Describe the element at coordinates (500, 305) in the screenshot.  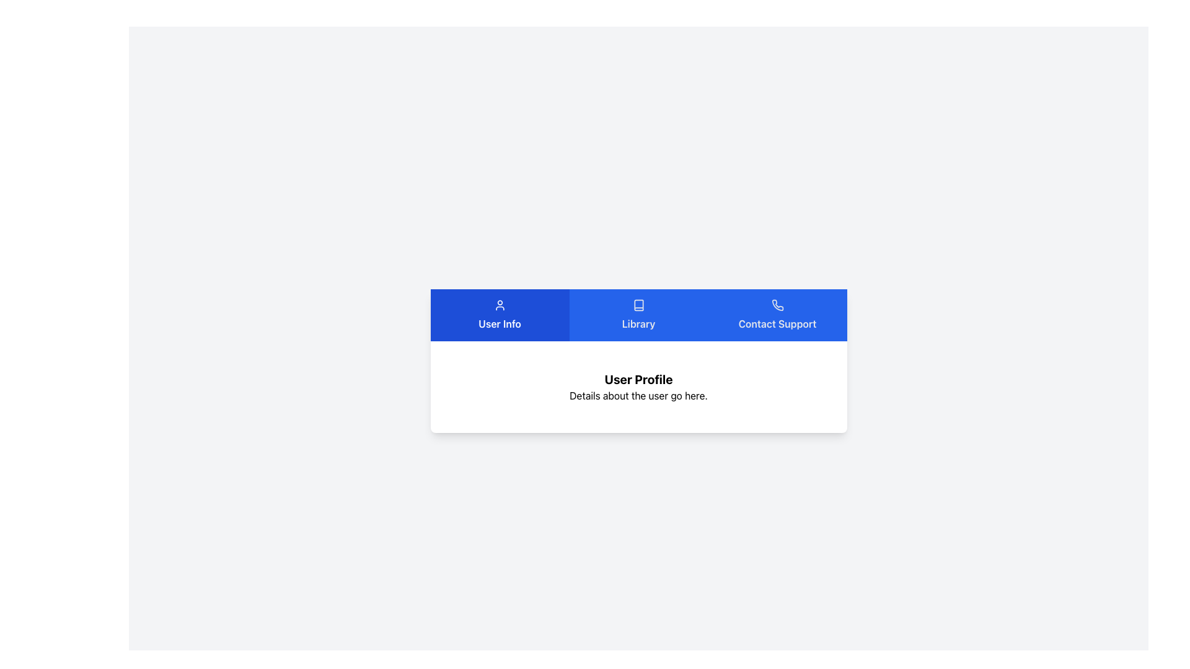
I see `the user profile icon in the top navigation bar by moving the keyboard focus to it` at that location.